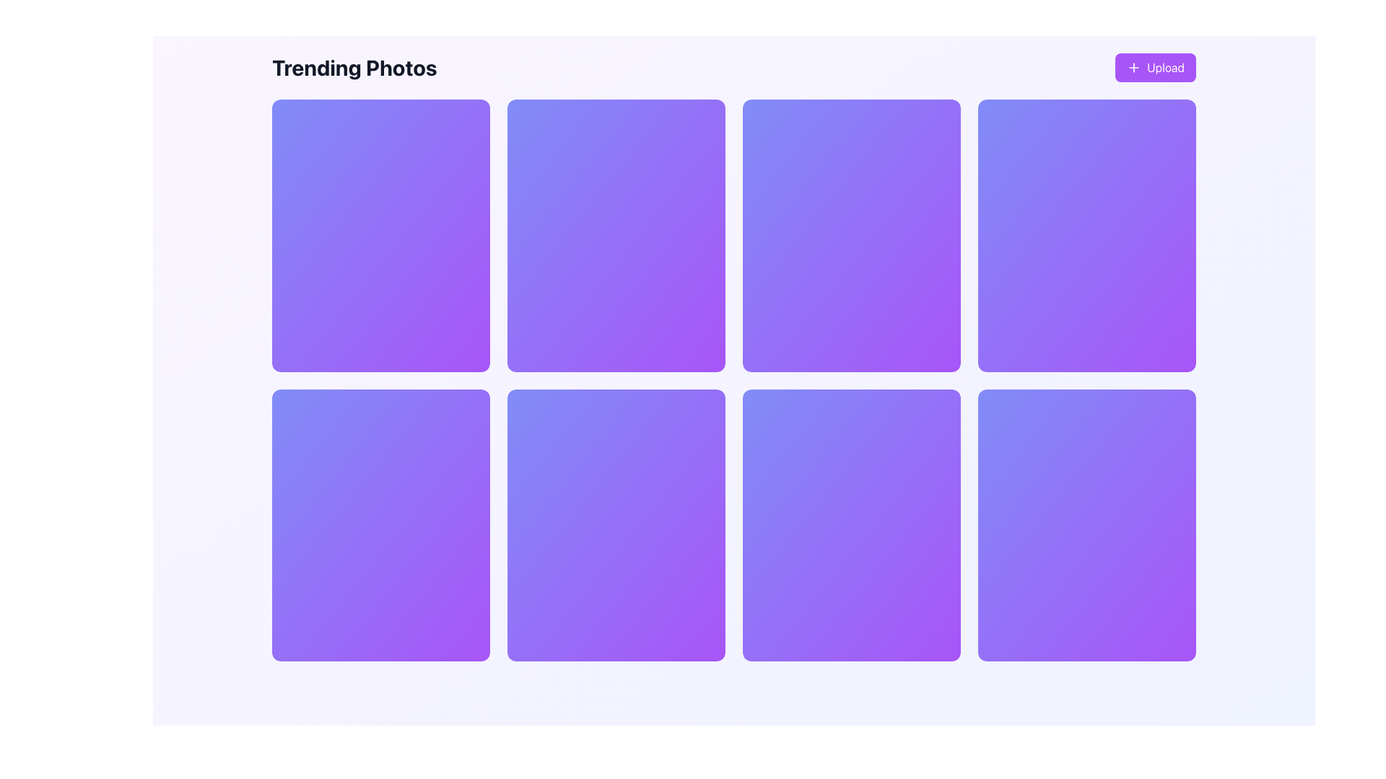 This screenshot has width=1386, height=779. Describe the element at coordinates (616, 234) in the screenshot. I see `the second clickable card in the gallery layout to interact with its functionality` at that location.